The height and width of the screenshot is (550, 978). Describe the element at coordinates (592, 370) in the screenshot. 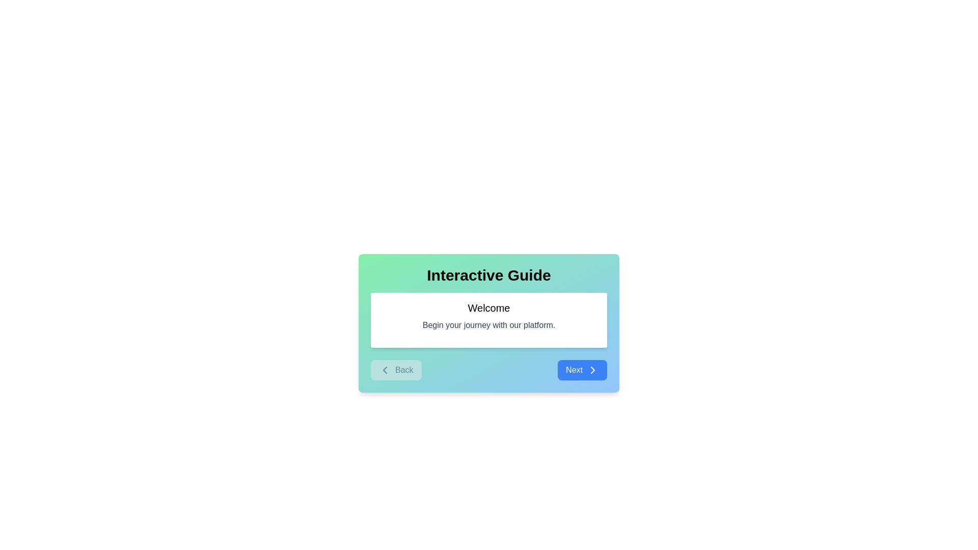

I see `the rightward-pointing chevron icon within the 'Next' button located in the bottom-right corner of the interactive guide interface` at that location.